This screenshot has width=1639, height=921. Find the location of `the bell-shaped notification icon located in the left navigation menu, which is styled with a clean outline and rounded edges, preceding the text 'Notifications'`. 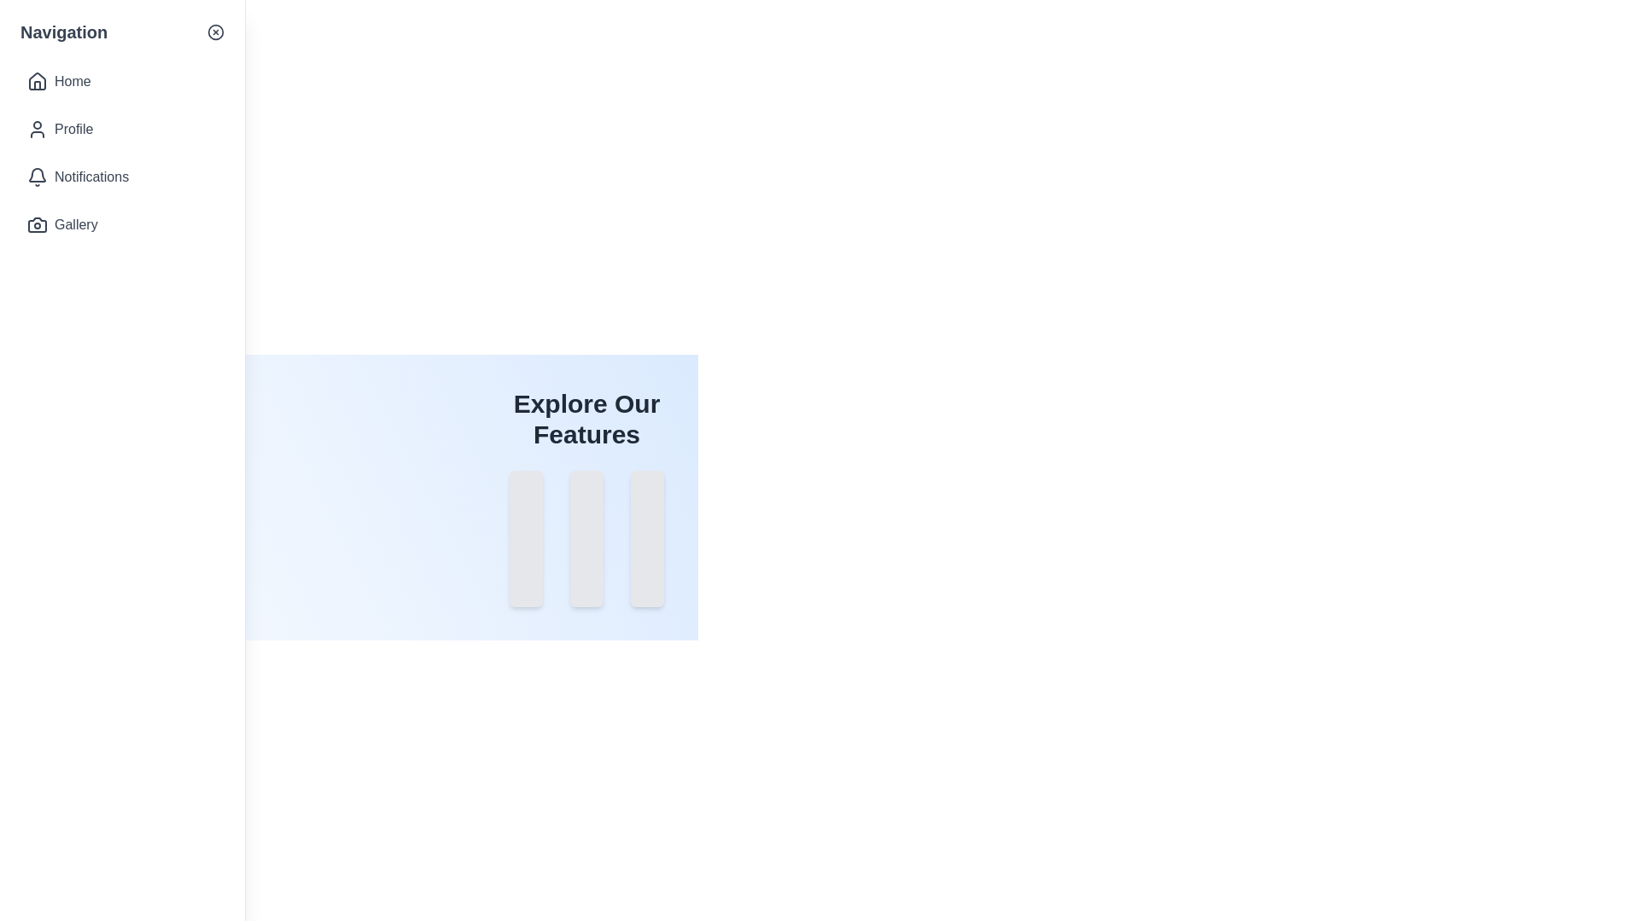

the bell-shaped notification icon located in the left navigation menu, which is styled with a clean outline and rounded edges, preceding the text 'Notifications' is located at coordinates (37, 177).